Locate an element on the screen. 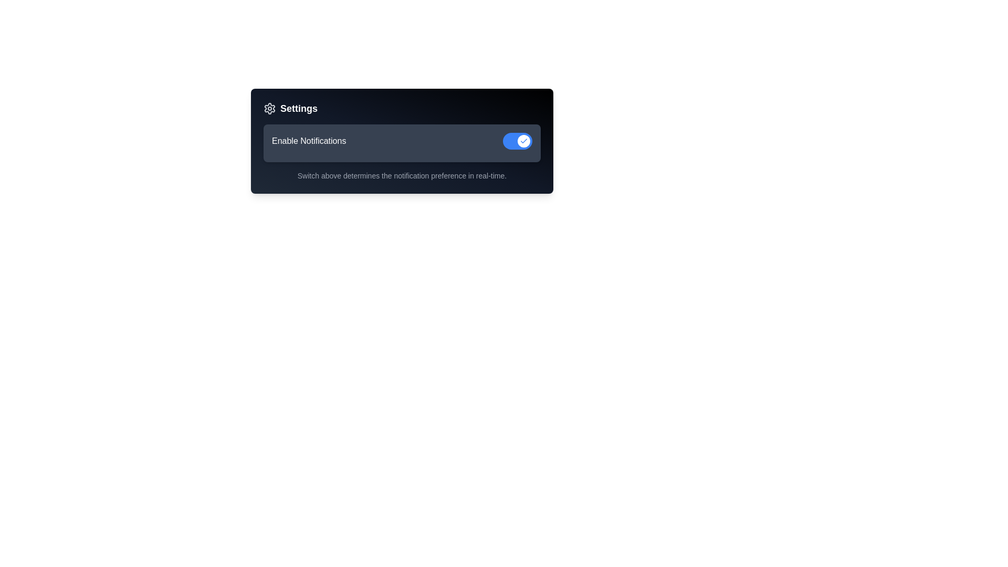 This screenshot has height=567, width=1008. the toggle switch styled as a rounded rectangle with a blue background, which is in the 'on' position is located at coordinates (517, 141).